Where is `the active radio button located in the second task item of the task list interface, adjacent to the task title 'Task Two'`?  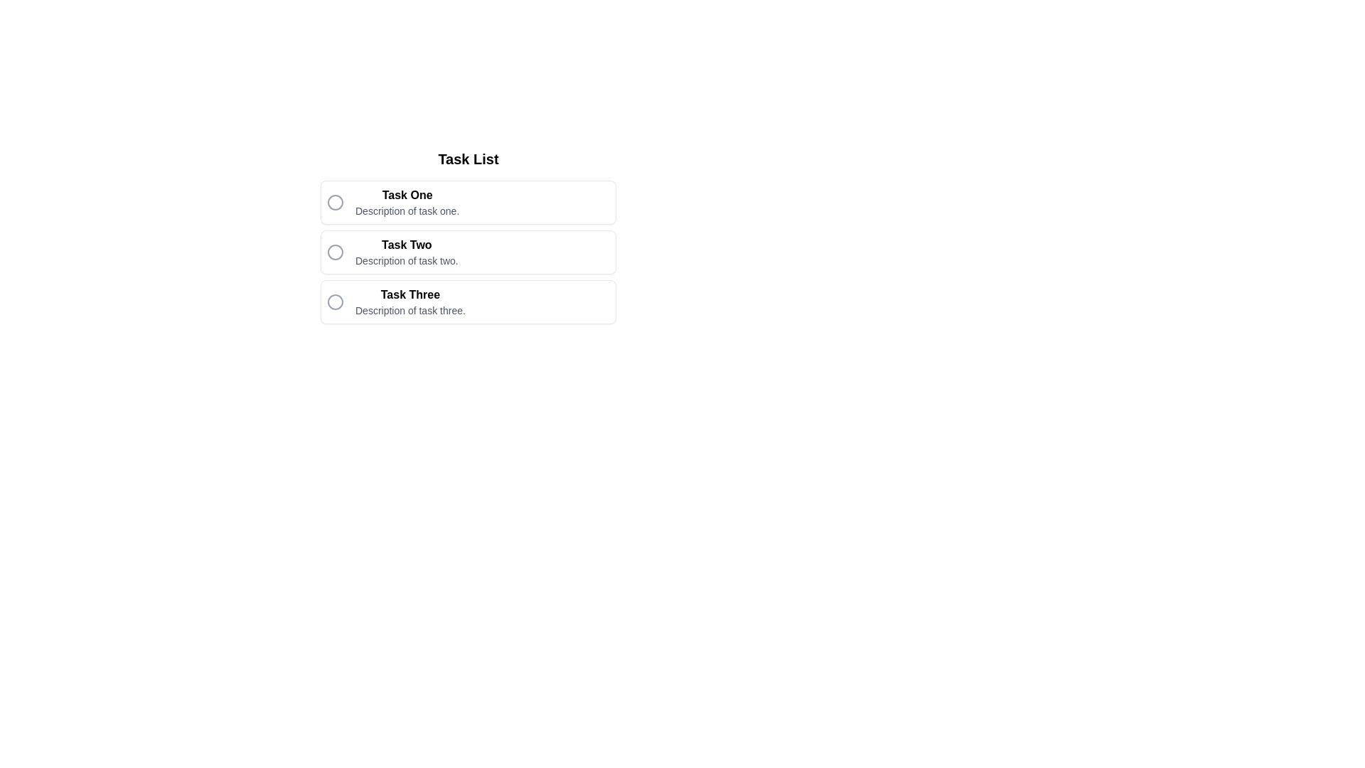 the active radio button located in the second task item of the task list interface, adjacent to the task title 'Task Two' is located at coordinates (334, 251).